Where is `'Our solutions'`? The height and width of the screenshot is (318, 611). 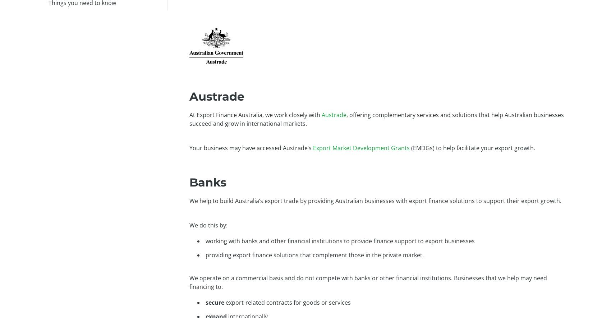
'Our solutions' is located at coordinates (270, 34).